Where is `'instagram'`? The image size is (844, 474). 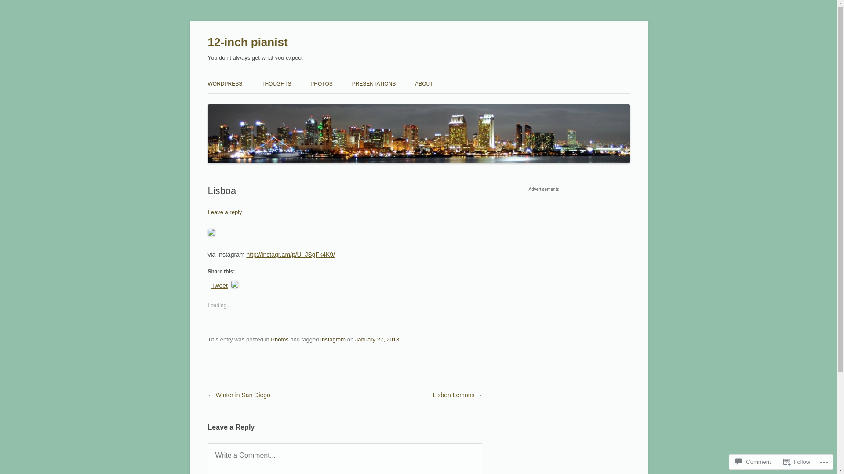
'instagram' is located at coordinates (332, 339).